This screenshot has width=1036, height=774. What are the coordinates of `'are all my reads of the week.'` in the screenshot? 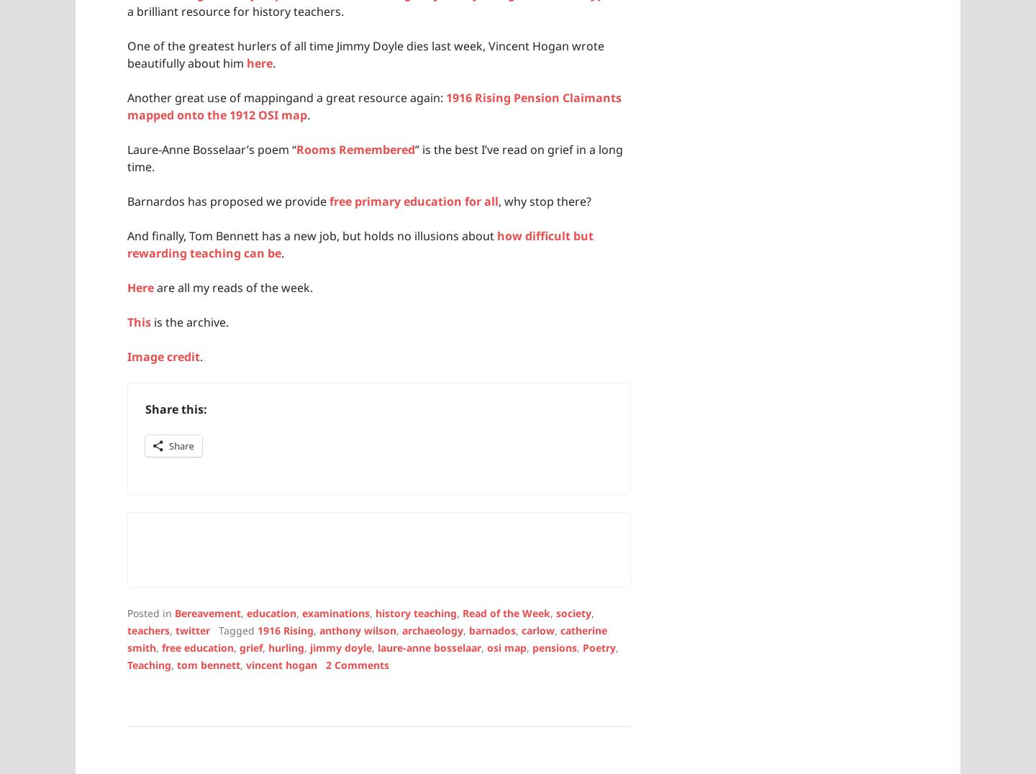 It's located at (233, 286).